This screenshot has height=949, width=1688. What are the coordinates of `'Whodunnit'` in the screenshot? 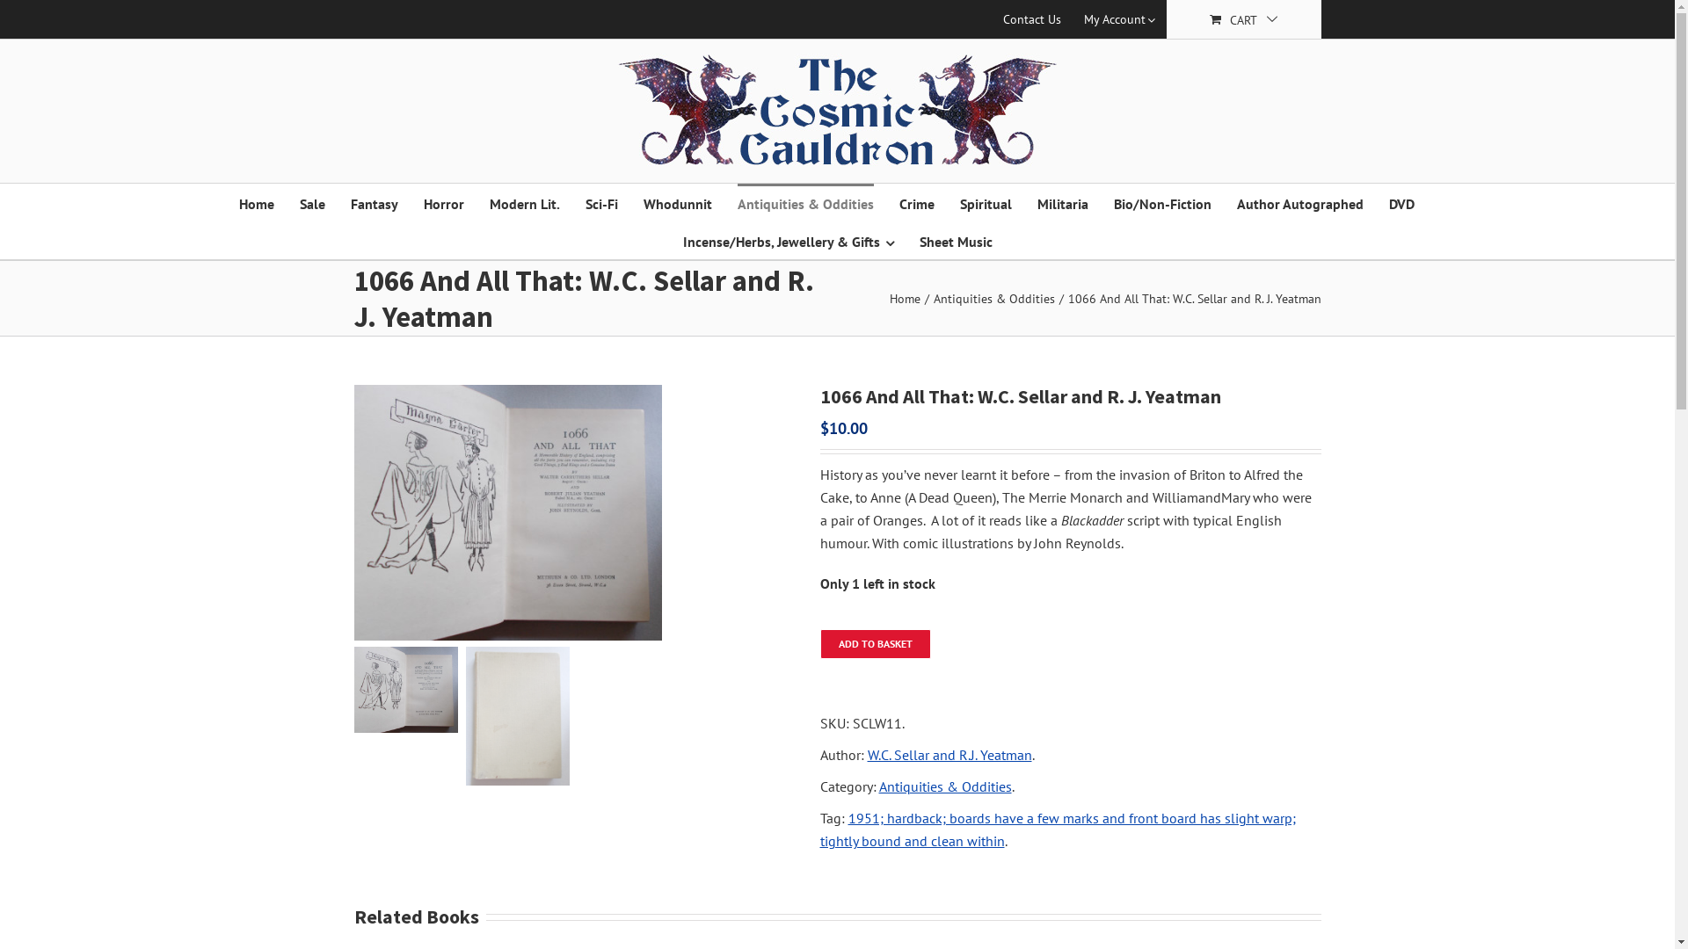 It's located at (677, 201).